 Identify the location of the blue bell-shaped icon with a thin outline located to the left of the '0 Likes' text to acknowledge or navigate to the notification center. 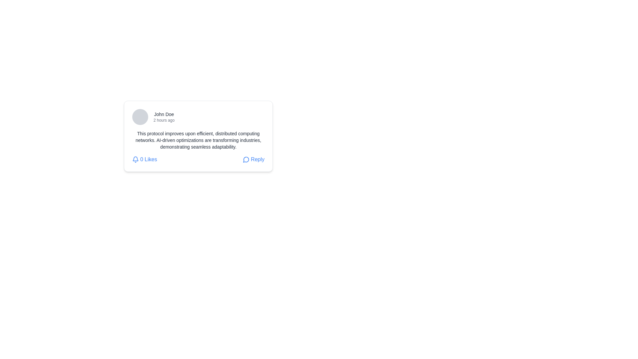
(135, 159).